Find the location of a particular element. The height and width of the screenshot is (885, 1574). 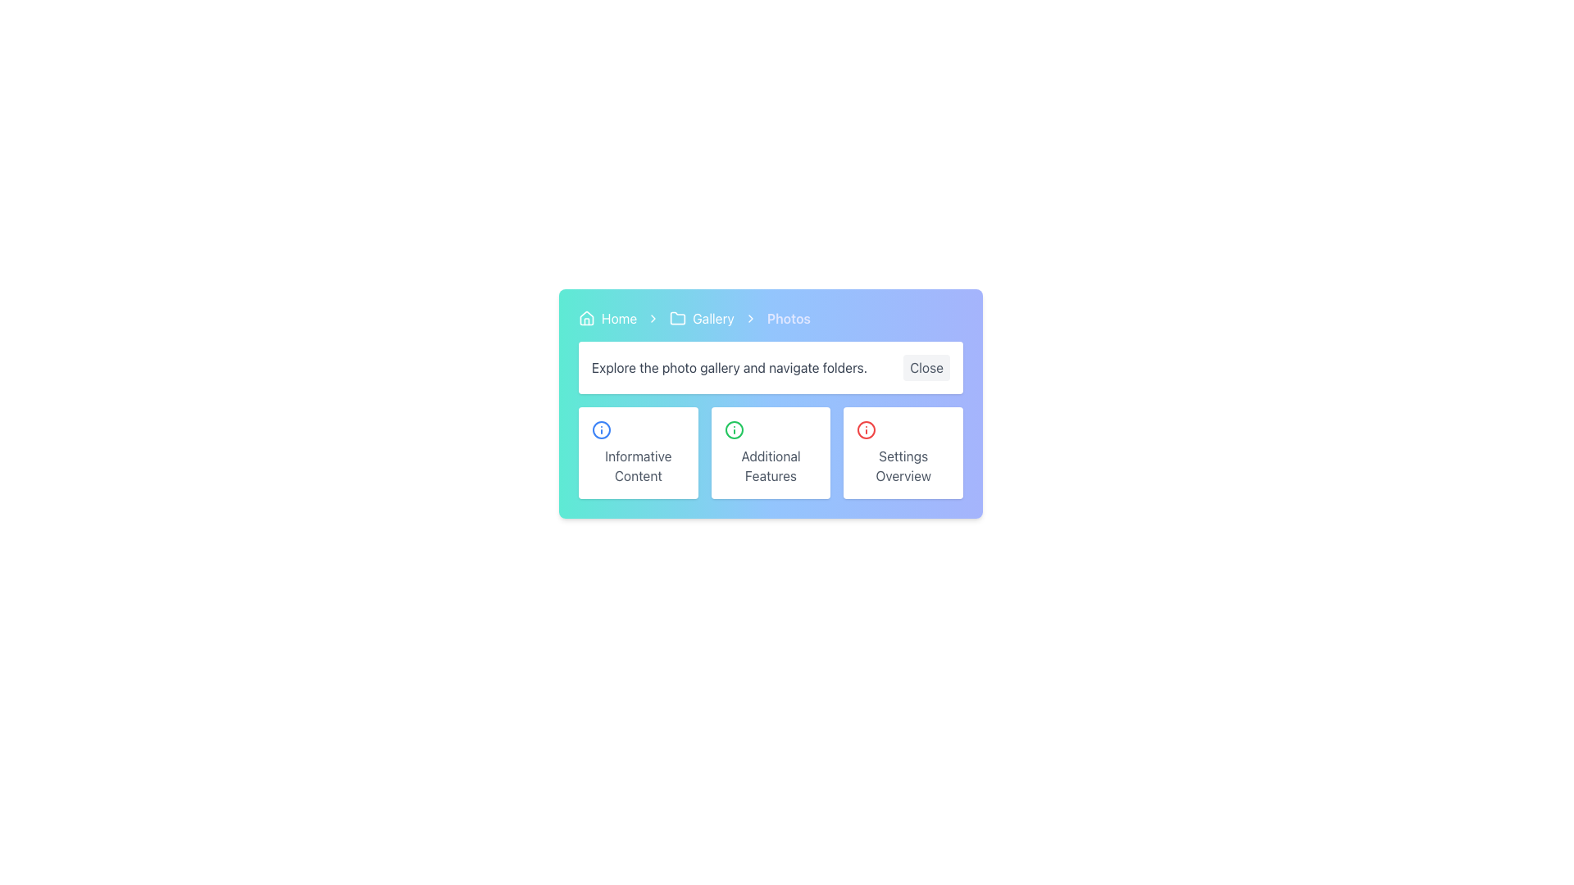

the 'Photos' text label in the breadcrumb navigation bar, which indicates the current section in the application's hierarchy is located at coordinates (789, 319).